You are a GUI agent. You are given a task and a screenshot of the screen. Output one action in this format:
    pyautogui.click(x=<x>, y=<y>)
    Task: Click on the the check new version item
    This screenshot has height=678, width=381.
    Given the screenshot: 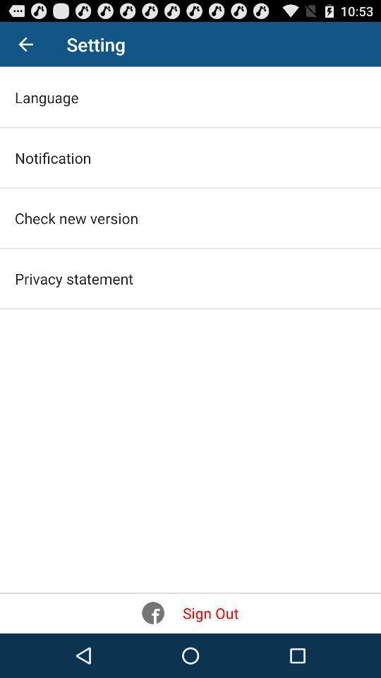 What is the action you would take?
    pyautogui.click(x=76, y=218)
    